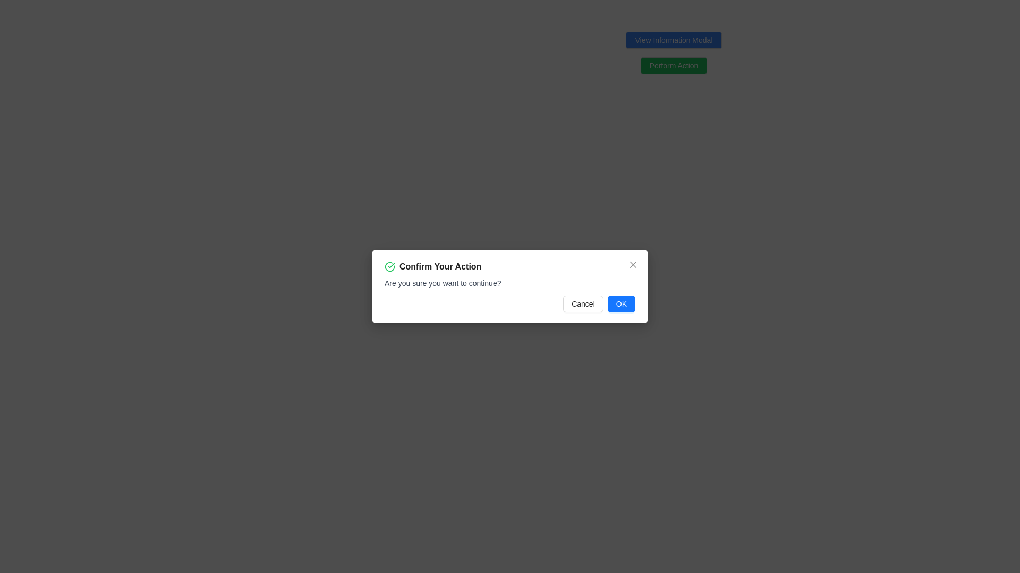 The image size is (1020, 573). I want to click on the text label displaying 'Perform Action', which is styled within a green button with rounded corners, so click(673, 65).